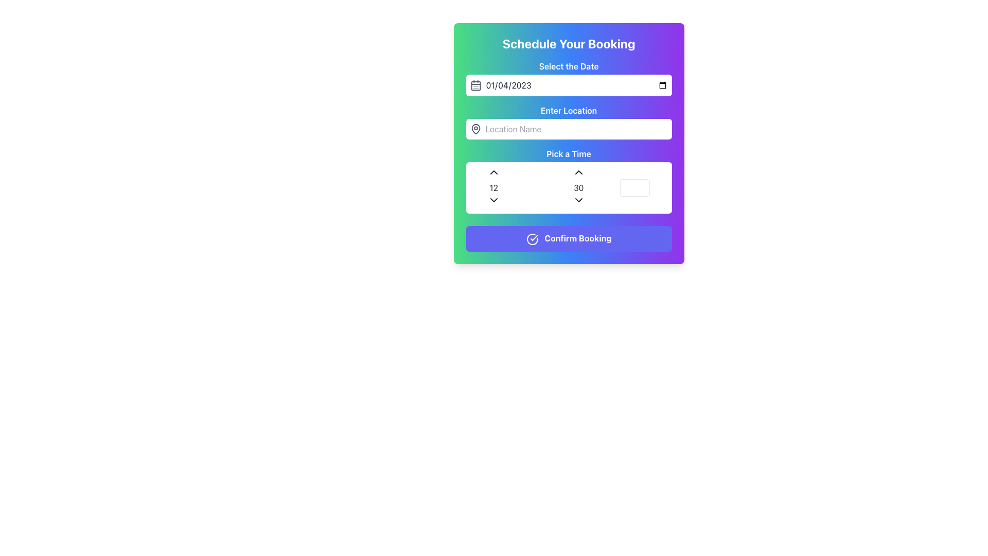  I want to click on the map pin icon located inside the 'Enter Location' input field, which is styled gray and represents a location, so click(475, 128).